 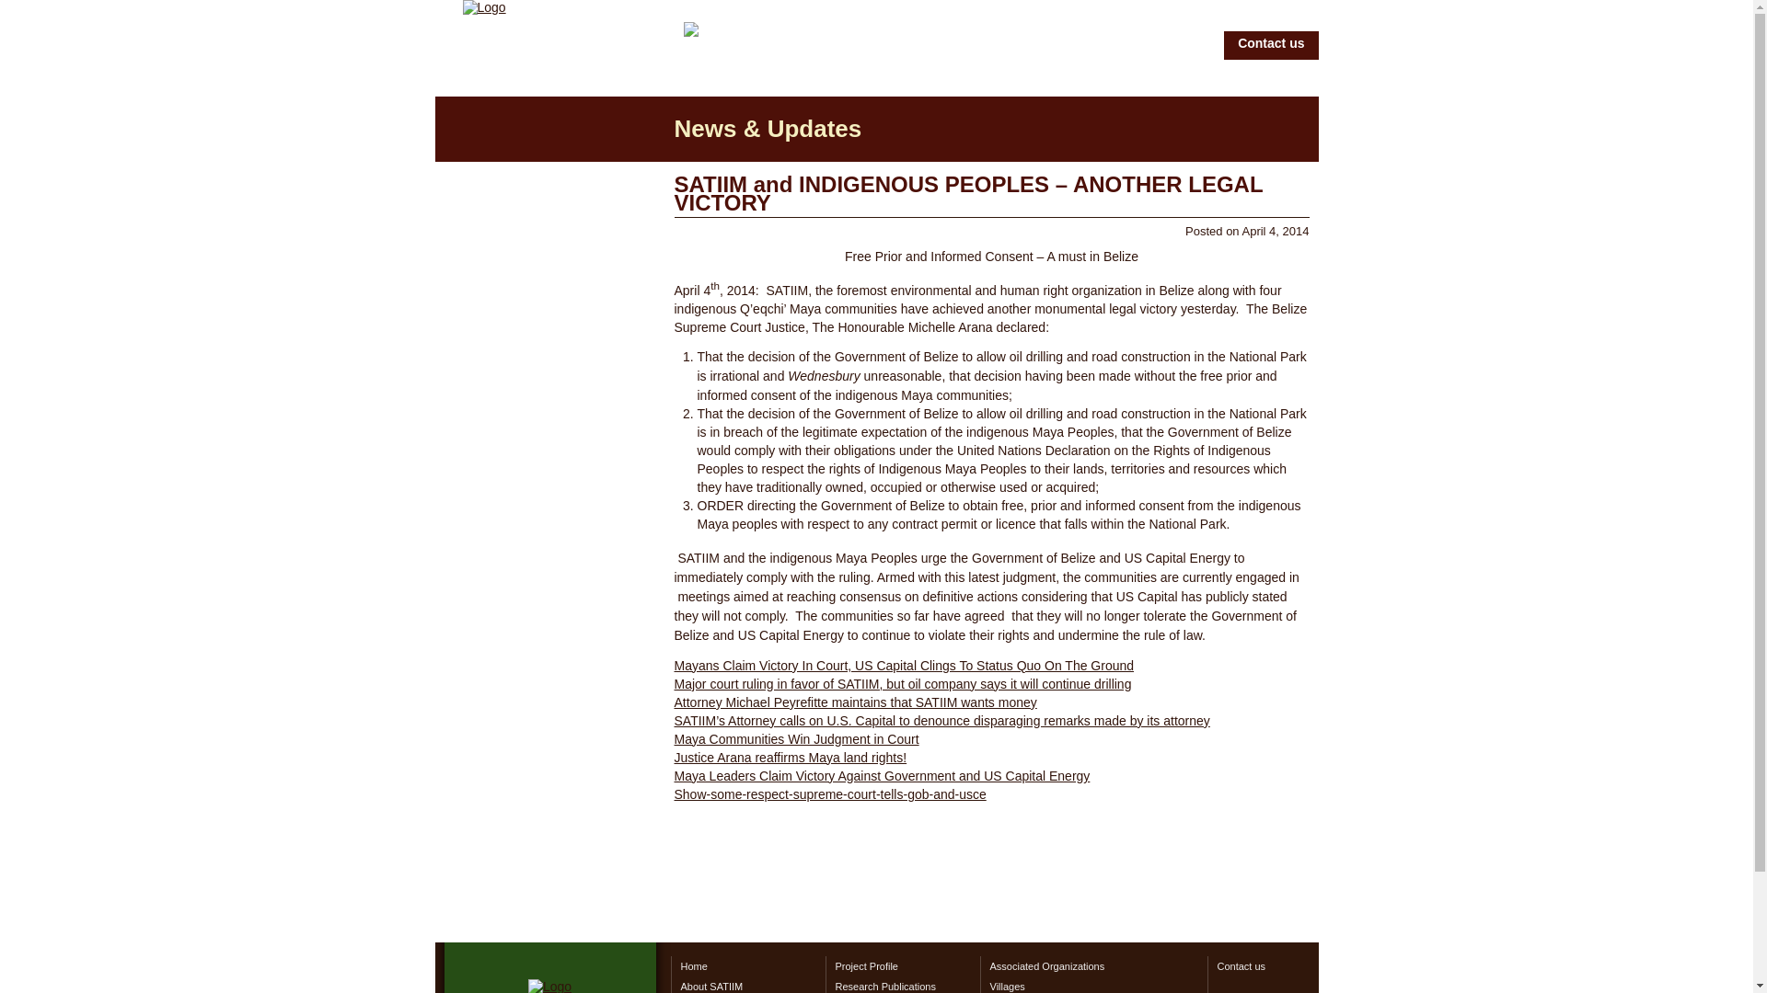 What do you see at coordinates (1266, 964) in the screenshot?
I see `'Contact us'` at bounding box center [1266, 964].